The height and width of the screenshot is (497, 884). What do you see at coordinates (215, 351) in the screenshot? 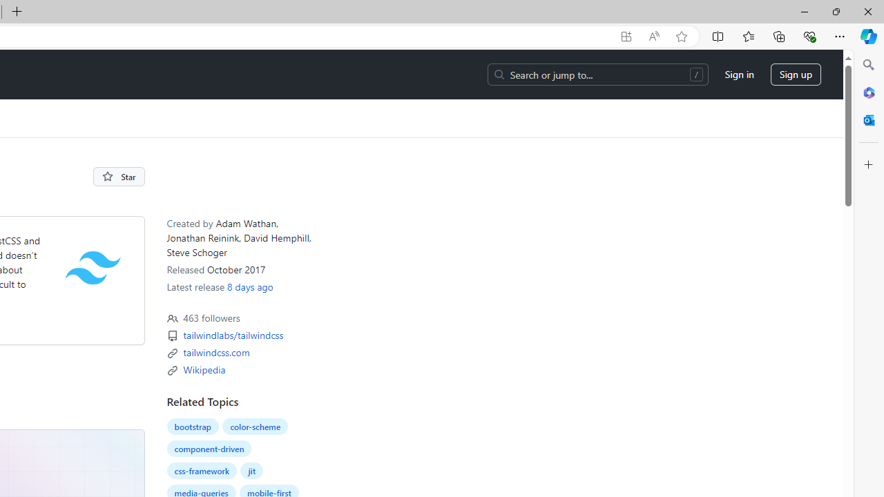
I see `'tailwindcss.com'` at bounding box center [215, 351].